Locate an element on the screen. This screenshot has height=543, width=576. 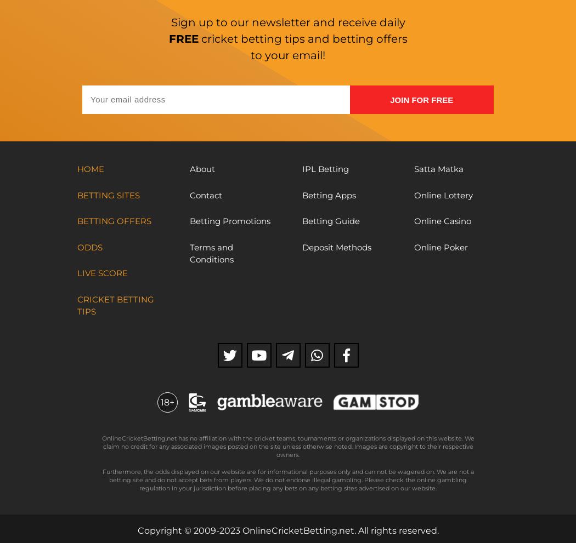
'Furthermore, the odds displayed on our website are for informational purposes only and can not be wagered on. We are not a betting site and do not accept bets from players. We do not endorse illegal gambling. Please check the online gambling regulation in your jurisdiction before placing any bets on any betting sites advertised on our website.' is located at coordinates (287, 480).